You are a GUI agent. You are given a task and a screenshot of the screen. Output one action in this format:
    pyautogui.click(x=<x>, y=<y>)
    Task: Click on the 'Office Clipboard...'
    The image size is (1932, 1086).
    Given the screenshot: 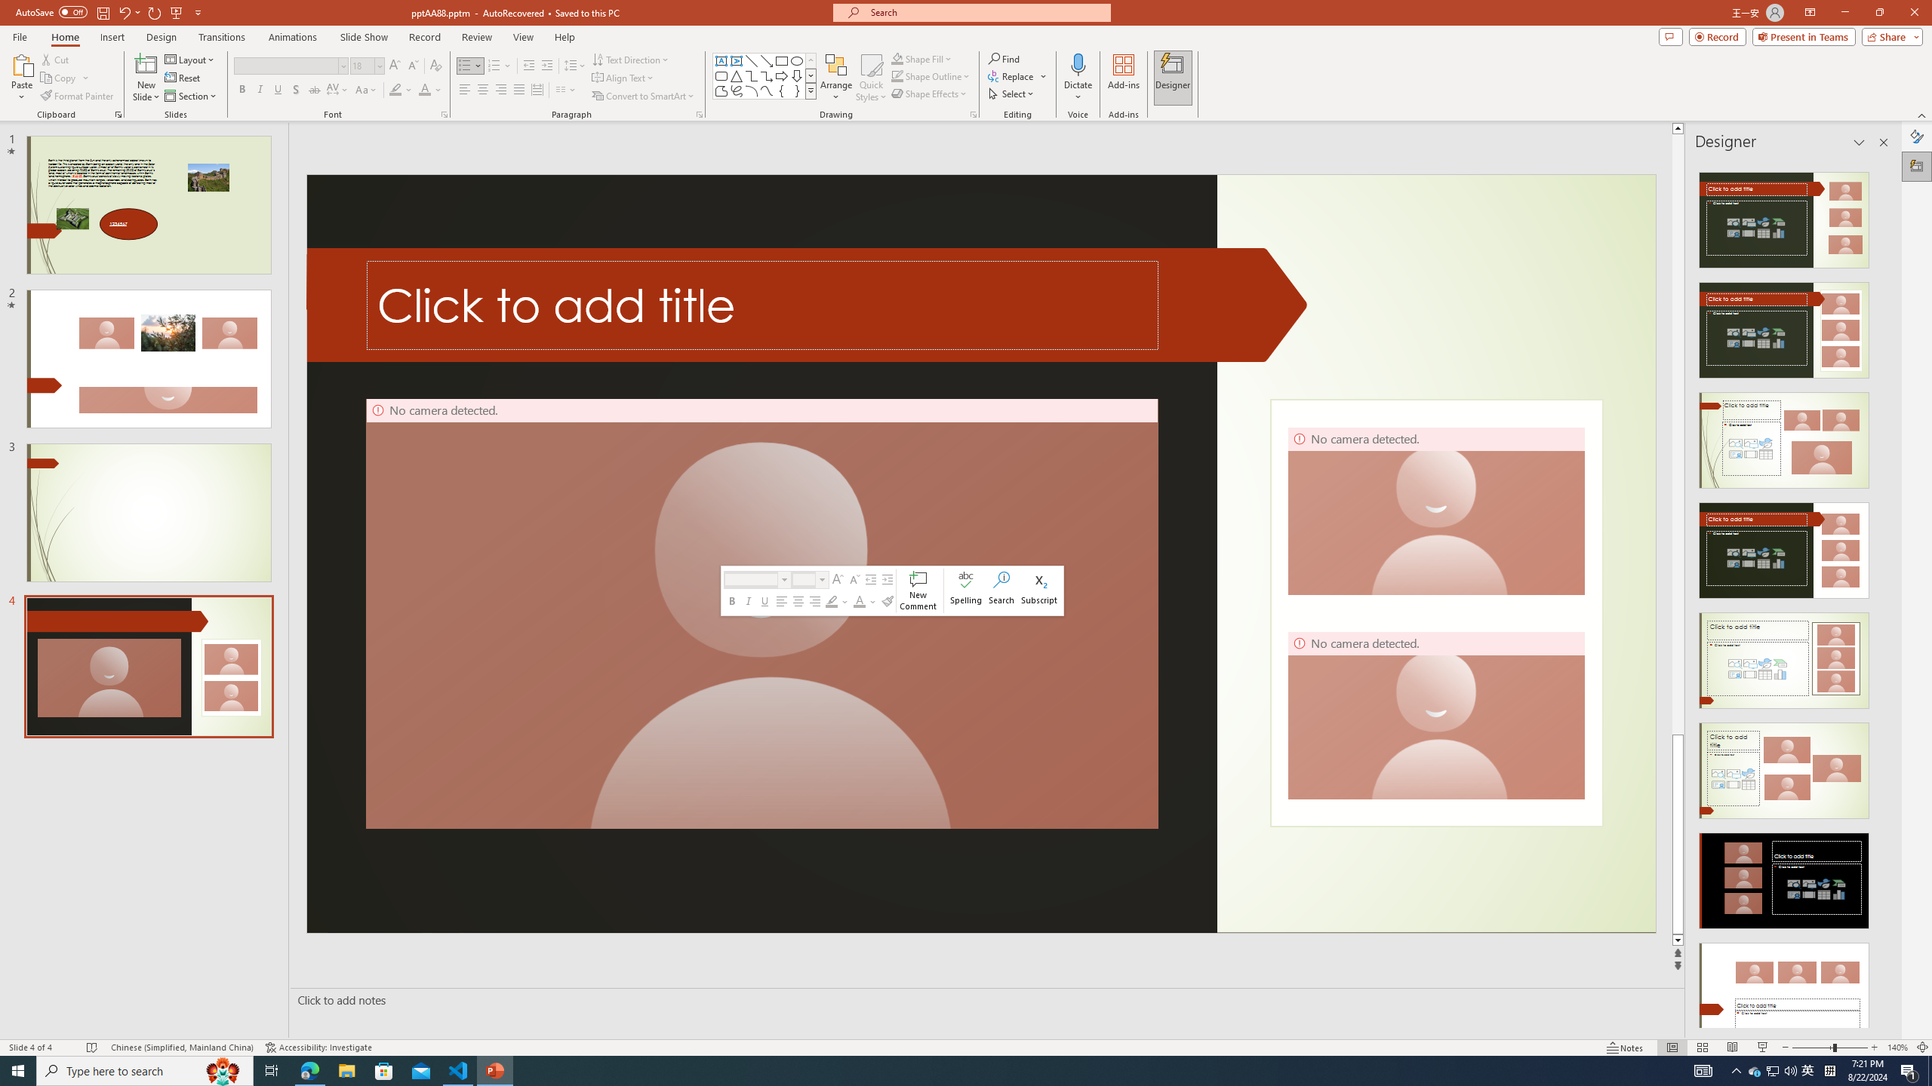 What is the action you would take?
    pyautogui.click(x=117, y=113)
    